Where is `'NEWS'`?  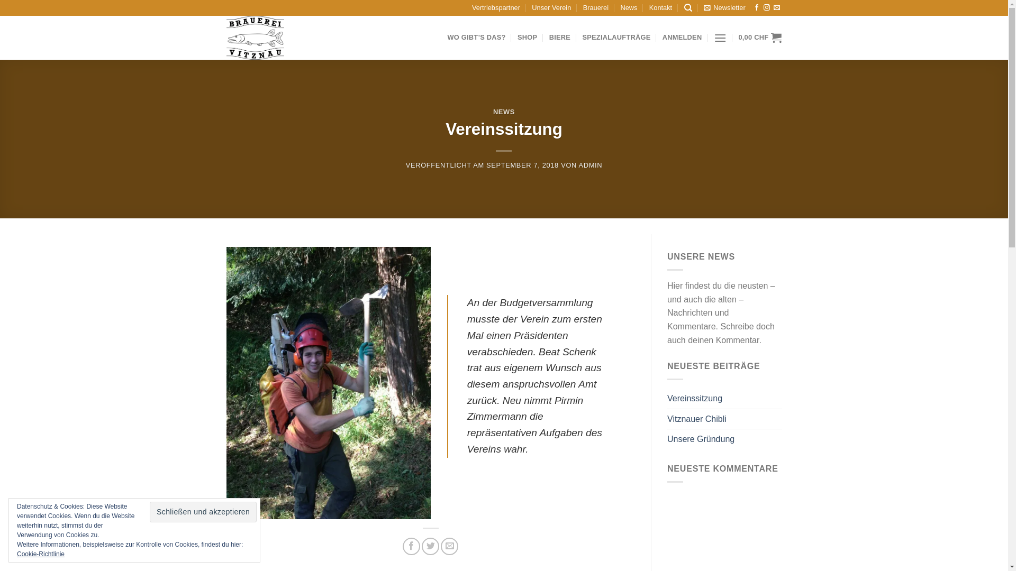 'NEWS' is located at coordinates (503, 112).